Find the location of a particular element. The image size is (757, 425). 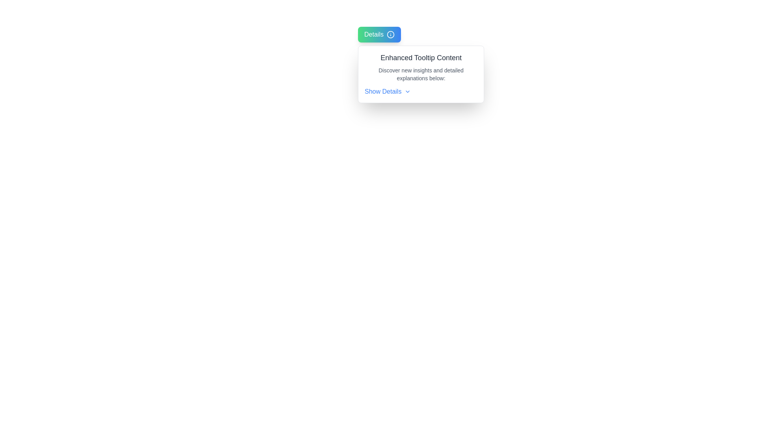

the 'Details' button, which is a rectangular button with a gradient background transitioning from green to blue, containing white text aligned to the left and an info icon on the right is located at coordinates (379, 34).